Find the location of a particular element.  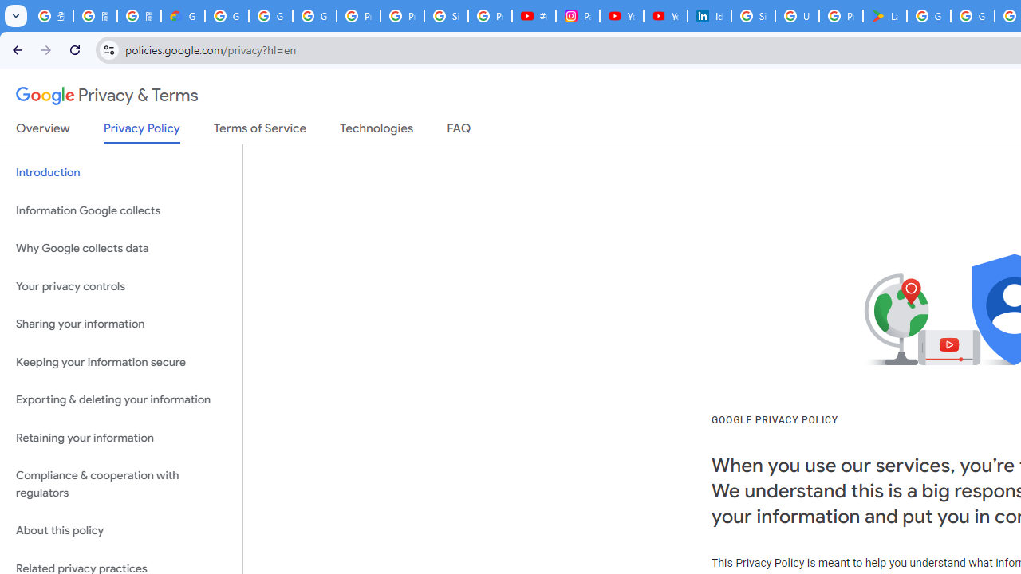

'Last Shelter: Survival - Apps on Google Play' is located at coordinates (884, 16).